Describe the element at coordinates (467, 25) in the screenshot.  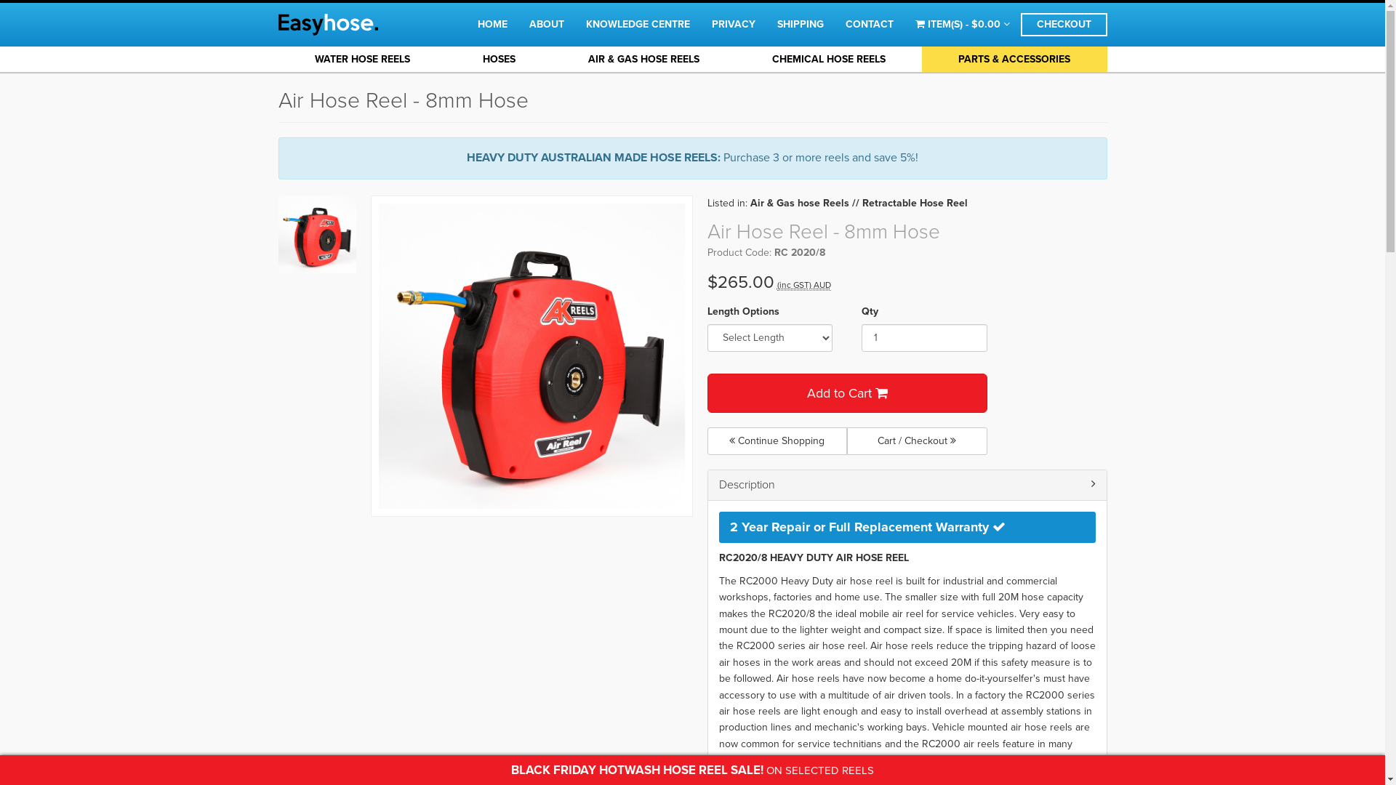
I see `'HOME'` at that location.